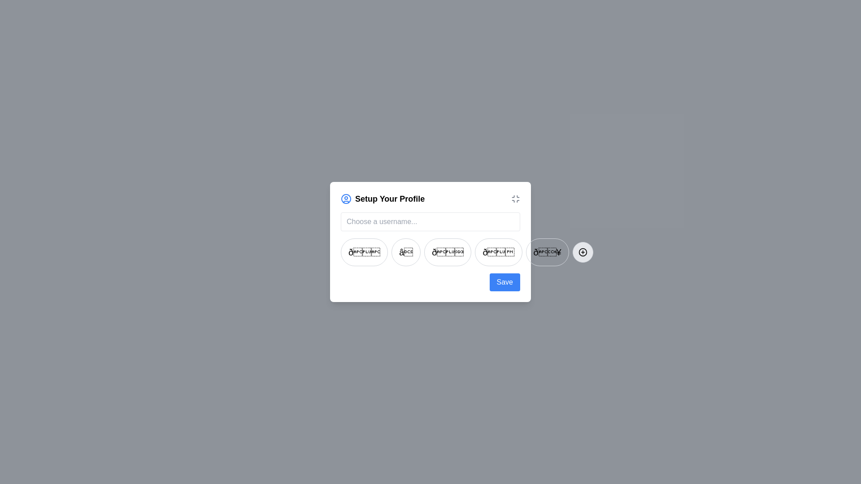 This screenshot has height=484, width=861. Describe the element at coordinates (583, 252) in the screenshot. I see `the circular button with a plus sign (+) that has a thin black stroke` at that location.